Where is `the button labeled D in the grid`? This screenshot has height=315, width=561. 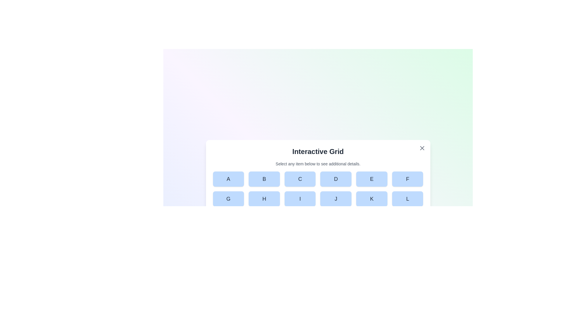 the button labeled D in the grid is located at coordinates (336, 178).